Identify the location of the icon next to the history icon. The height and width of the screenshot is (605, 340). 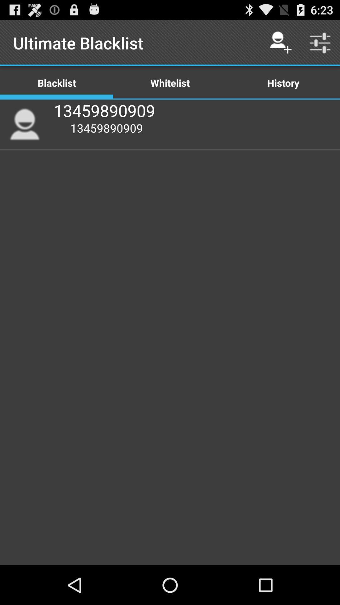
(170, 82).